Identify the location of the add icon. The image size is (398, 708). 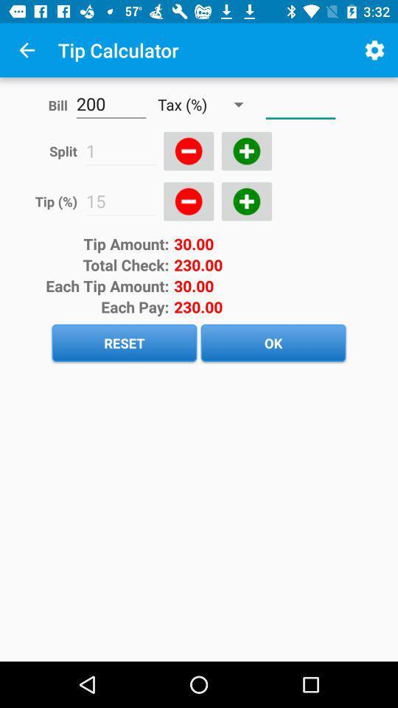
(246, 201).